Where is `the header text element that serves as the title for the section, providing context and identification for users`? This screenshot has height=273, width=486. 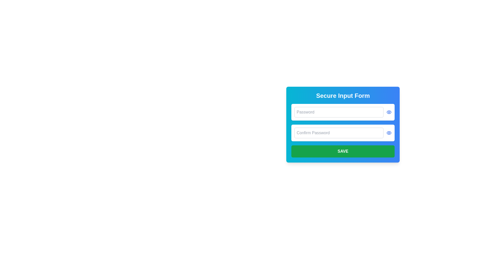
the header text element that serves as the title for the section, providing context and identification for users is located at coordinates (343, 96).